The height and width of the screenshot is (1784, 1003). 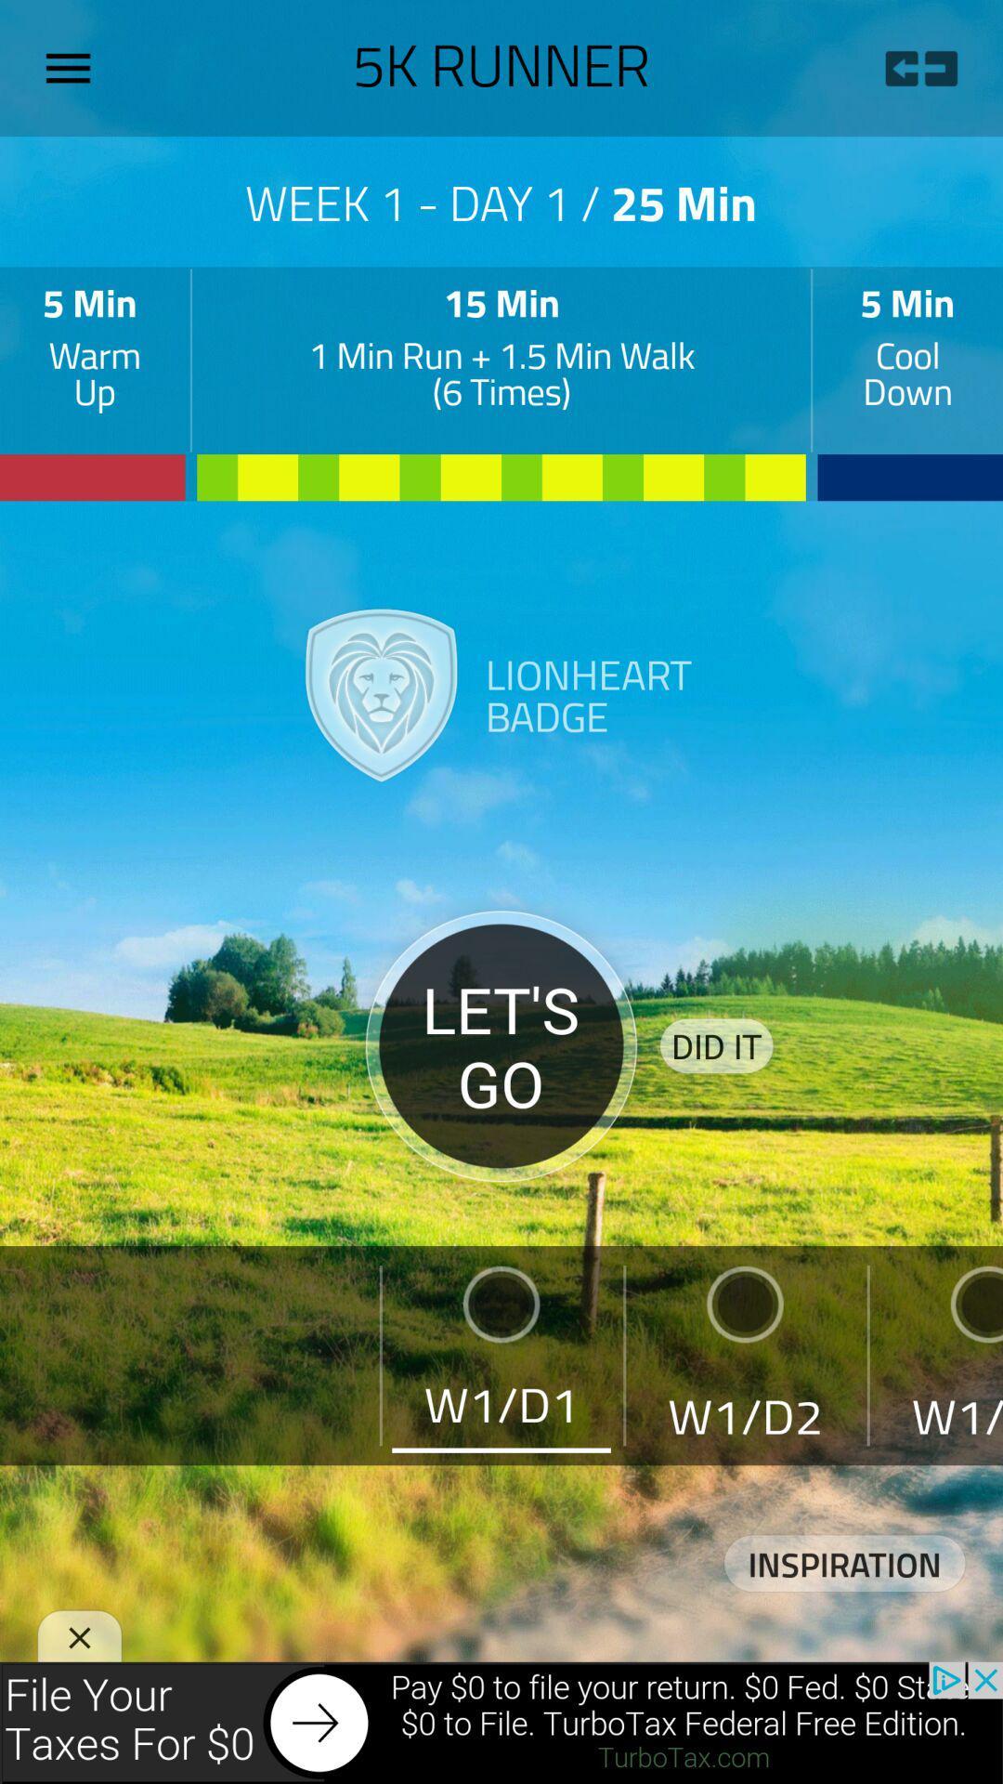 What do you see at coordinates (74, 68) in the screenshot?
I see `open menu` at bounding box center [74, 68].